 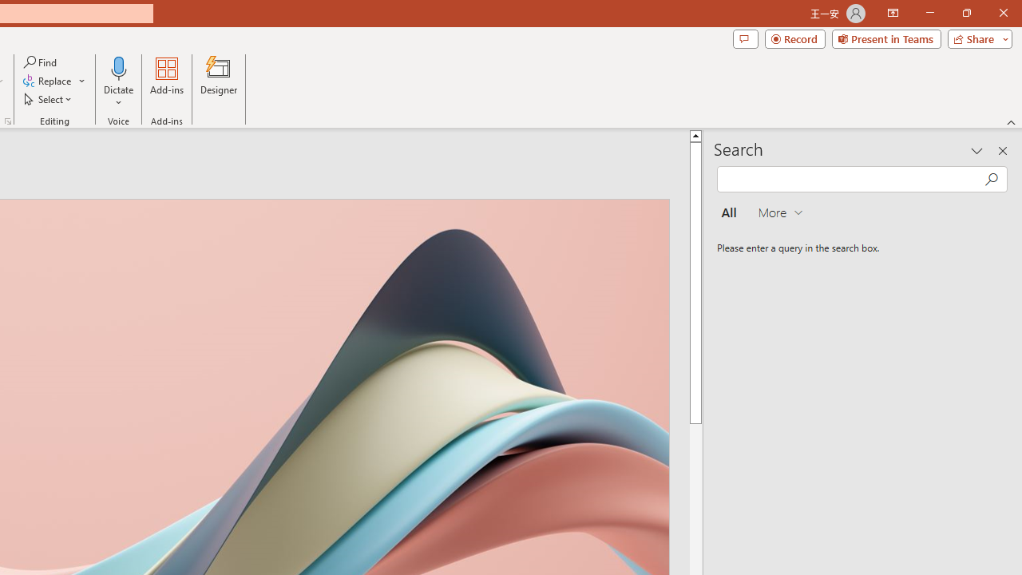 What do you see at coordinates (695, 134) in the screenshot?
I see `'Line up'` at bounding box center [695, 134].